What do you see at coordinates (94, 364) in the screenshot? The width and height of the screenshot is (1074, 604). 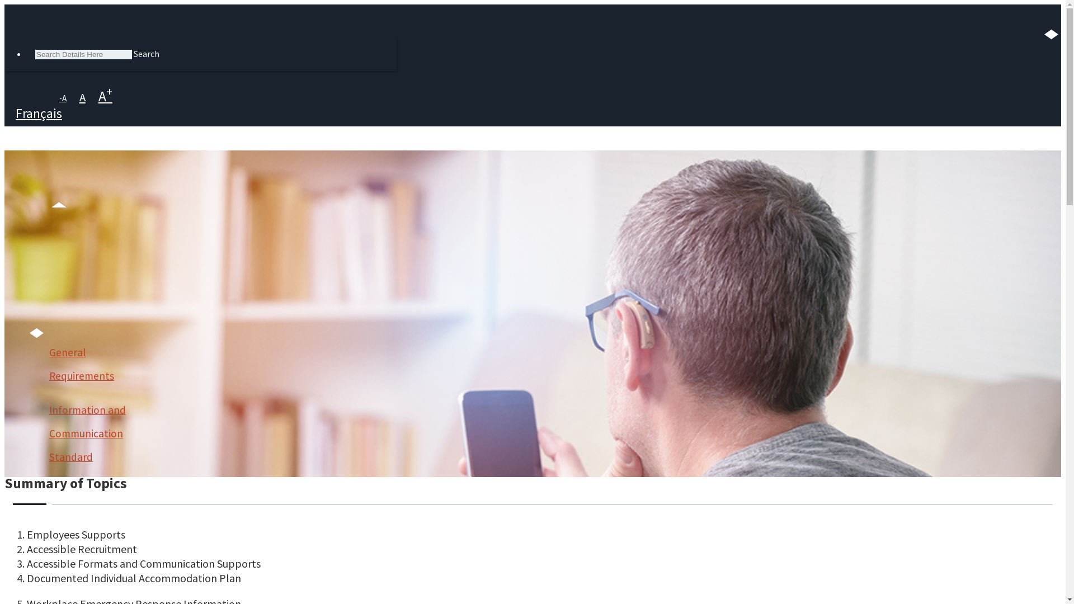 I see `'General Requirements'` at bounding box center [94, 364].